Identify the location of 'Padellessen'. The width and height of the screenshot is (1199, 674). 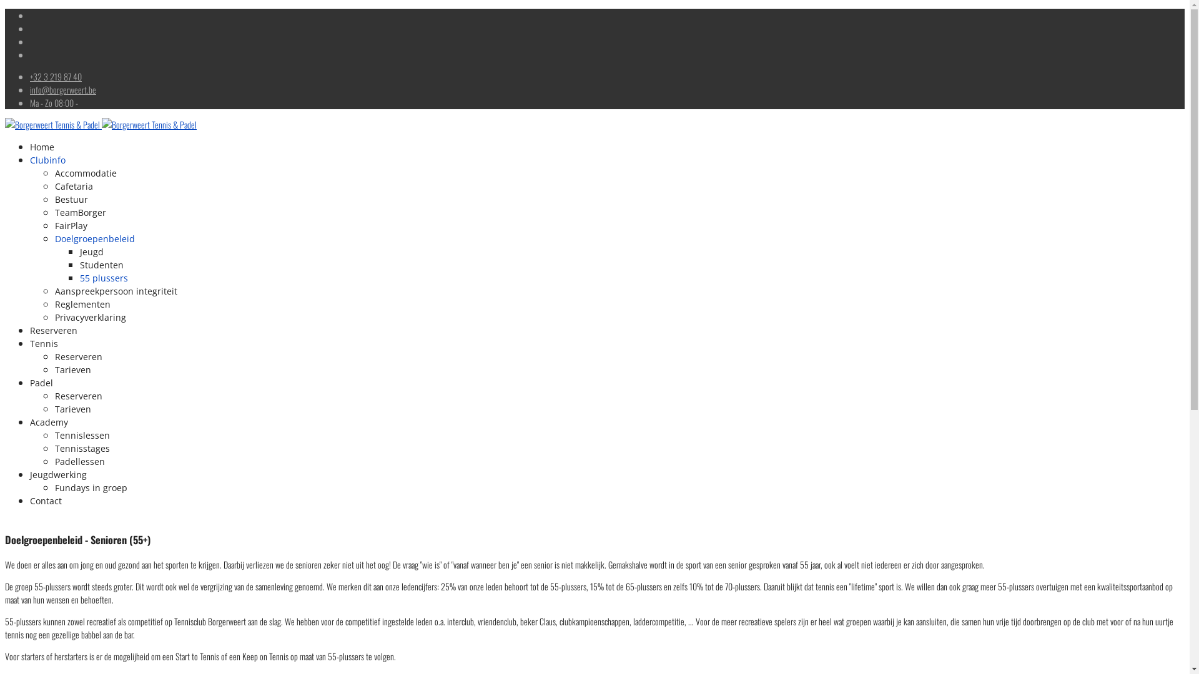
(79, 461).